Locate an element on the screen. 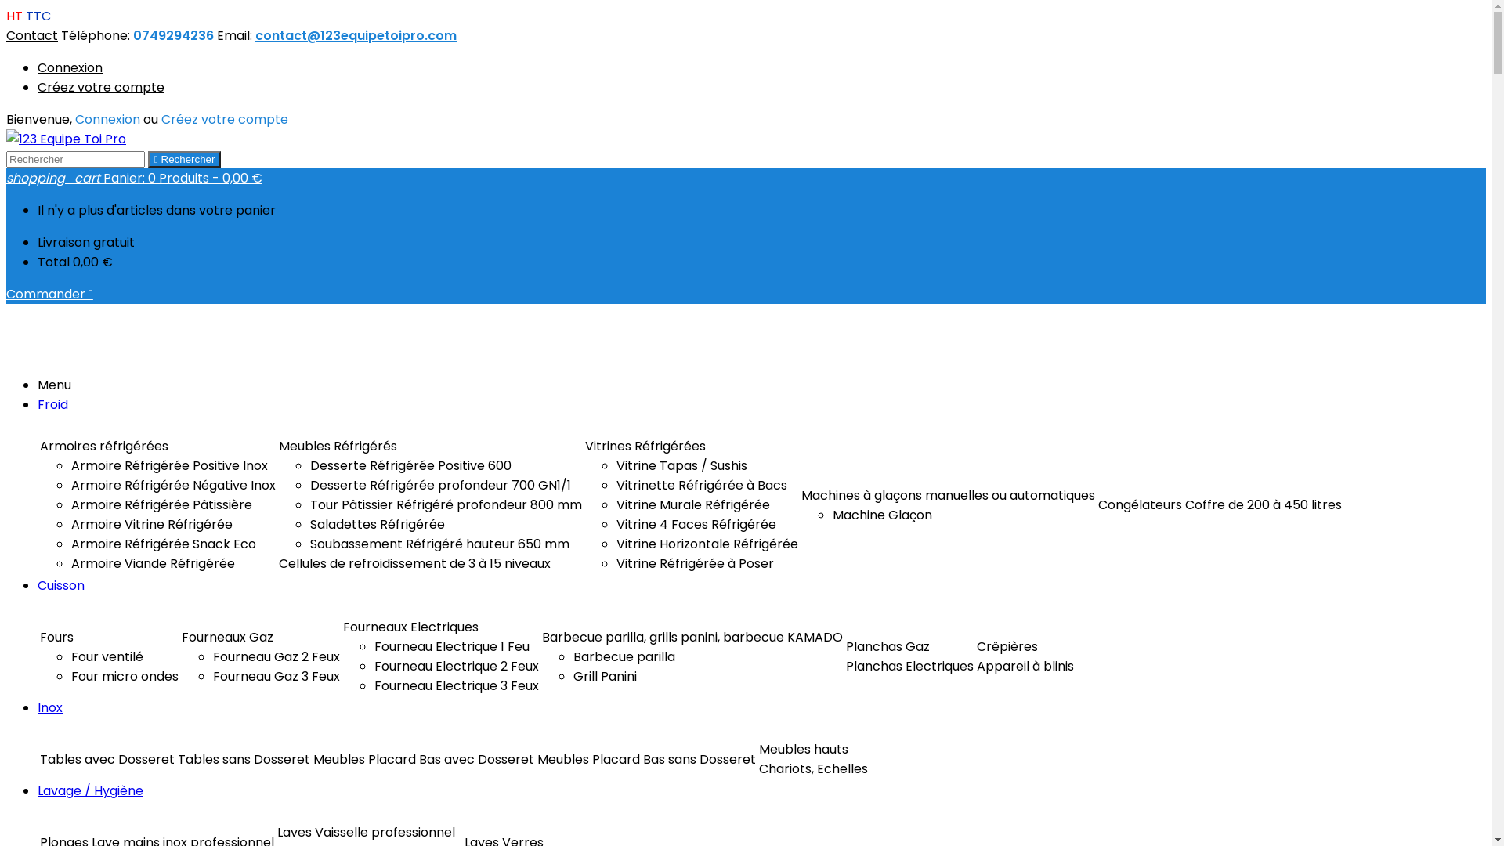  'Connexion' is located at coordinates (107, 118).